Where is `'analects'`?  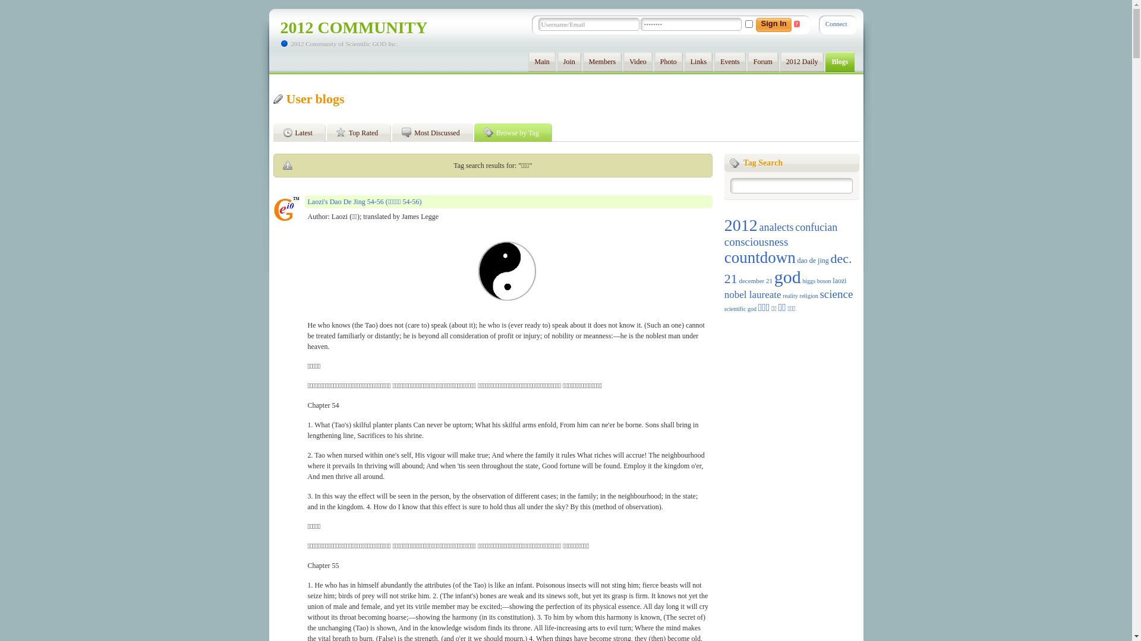
'analects' is located at coordinates (758, 227).